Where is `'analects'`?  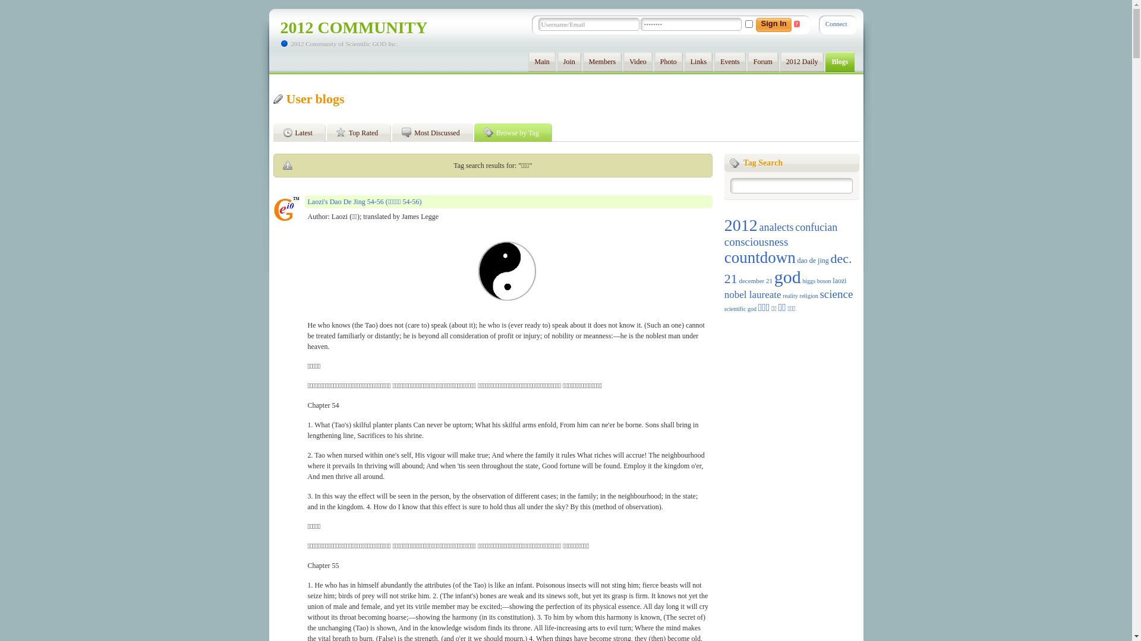
'analects' is located at coordinates (758, 227).